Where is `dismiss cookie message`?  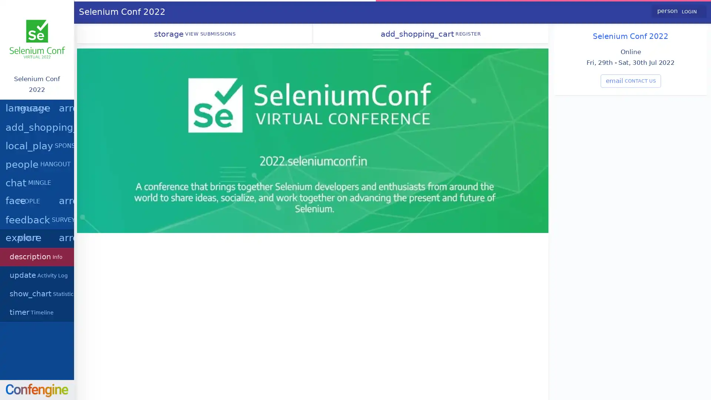
dismiss cookie message is located at coordinates (77, 374).